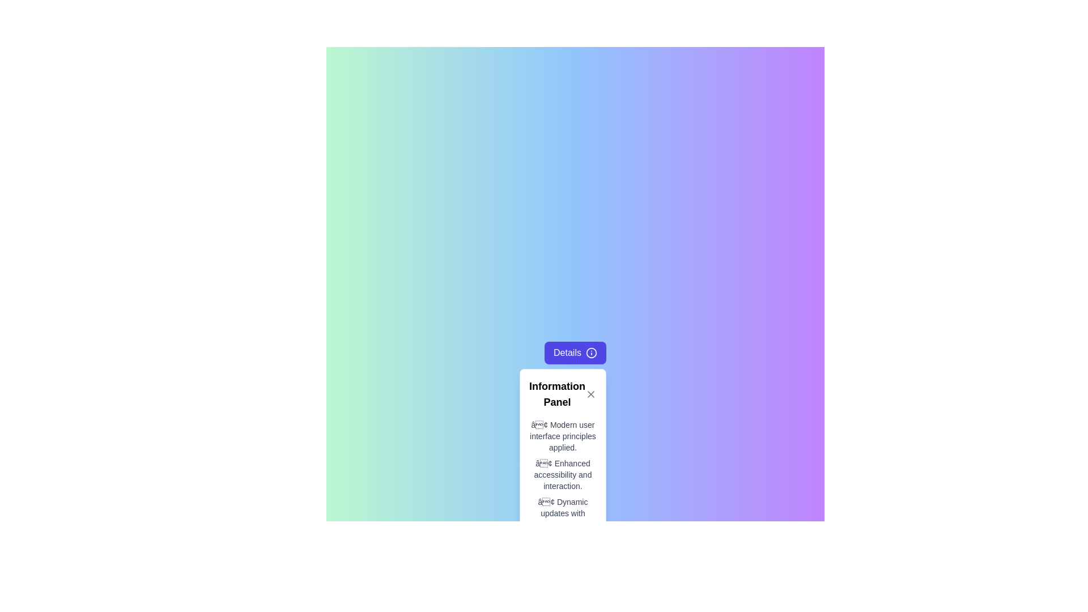 This screenshot has height=612, width=1088. I want to click on the details within the Informational Panel which displays features such as 'Modern user interface principles applied' and 'Enhanced accessibility and interaction', so click(563, 454).